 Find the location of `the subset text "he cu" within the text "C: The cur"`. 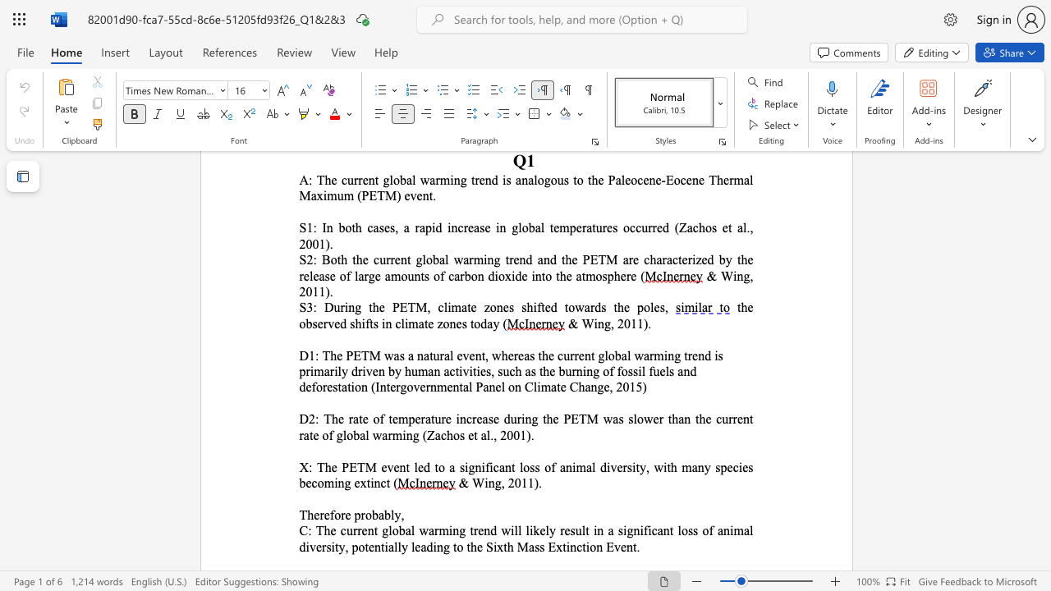

the subset text "he cu" within the text "C: The cur" is located at coordinates (324, 530).